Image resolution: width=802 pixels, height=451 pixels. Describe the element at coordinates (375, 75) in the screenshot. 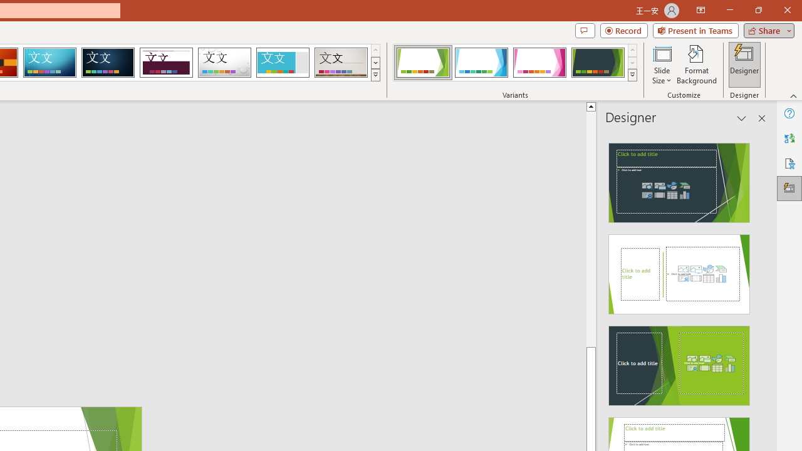

I see `'Themes'` at that location.